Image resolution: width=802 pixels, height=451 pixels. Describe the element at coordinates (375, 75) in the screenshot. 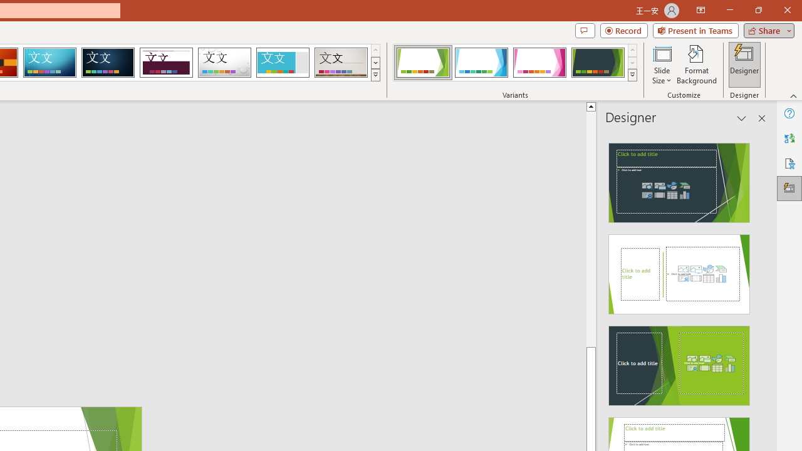

I see `'Themes'` at that location.